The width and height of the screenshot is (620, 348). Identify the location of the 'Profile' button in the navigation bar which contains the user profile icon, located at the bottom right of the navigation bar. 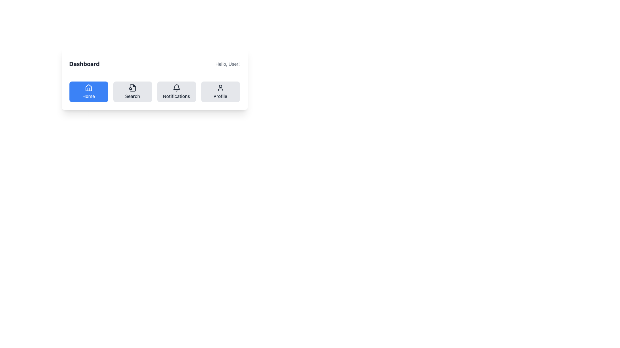
(220, 88).